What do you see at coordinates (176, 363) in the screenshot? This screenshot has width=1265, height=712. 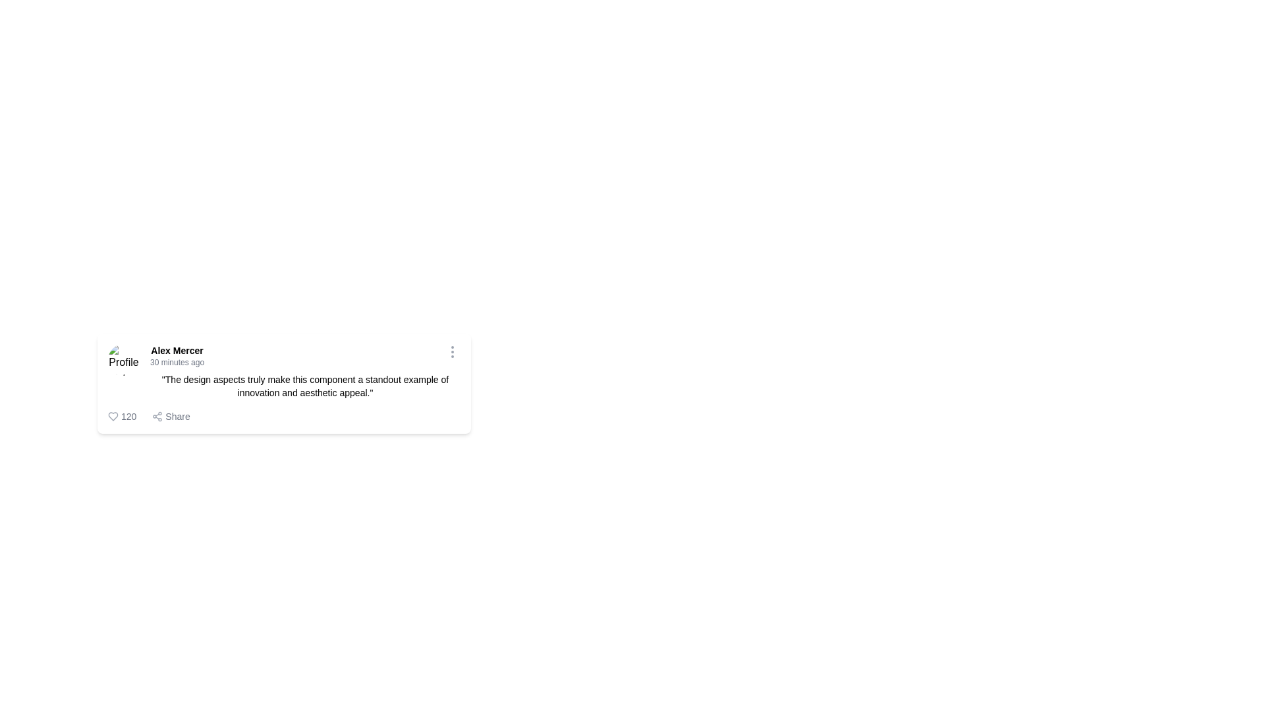 I see `timestamp displayed as '30 minutes ago' located beneath the name label 'Alex Mercer' in the card layout` at bounding box center [176, 363].